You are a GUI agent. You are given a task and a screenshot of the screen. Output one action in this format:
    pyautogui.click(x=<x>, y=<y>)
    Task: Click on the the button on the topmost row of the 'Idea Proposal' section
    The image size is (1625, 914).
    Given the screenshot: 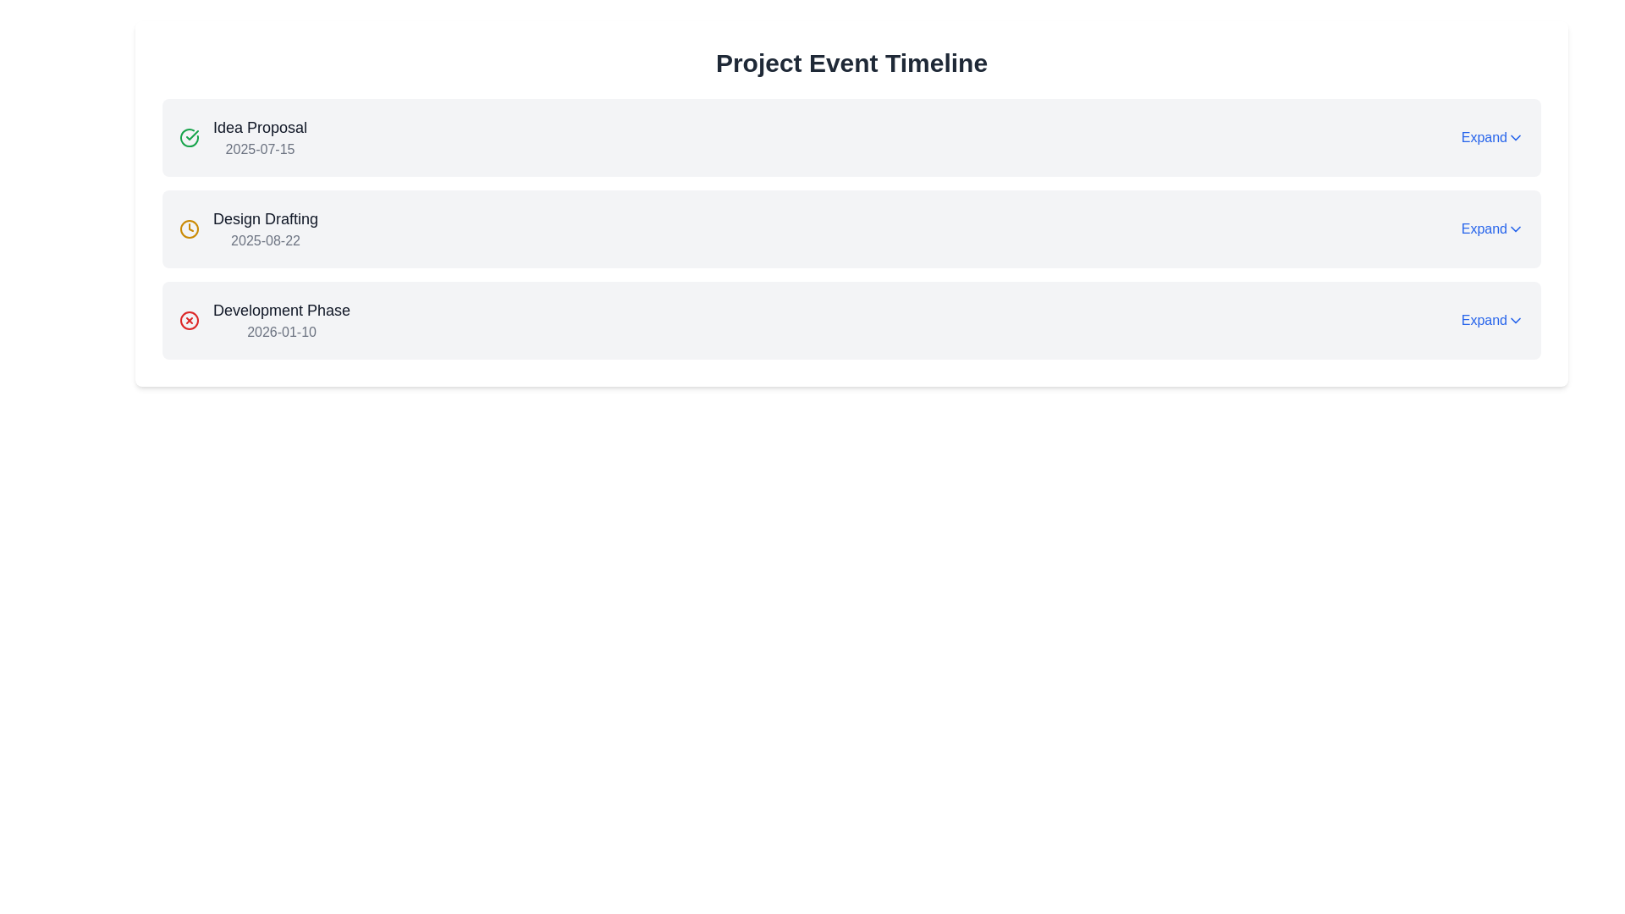 What is the action you would take?
    pyautogui.click(x=1492, y=136)
    